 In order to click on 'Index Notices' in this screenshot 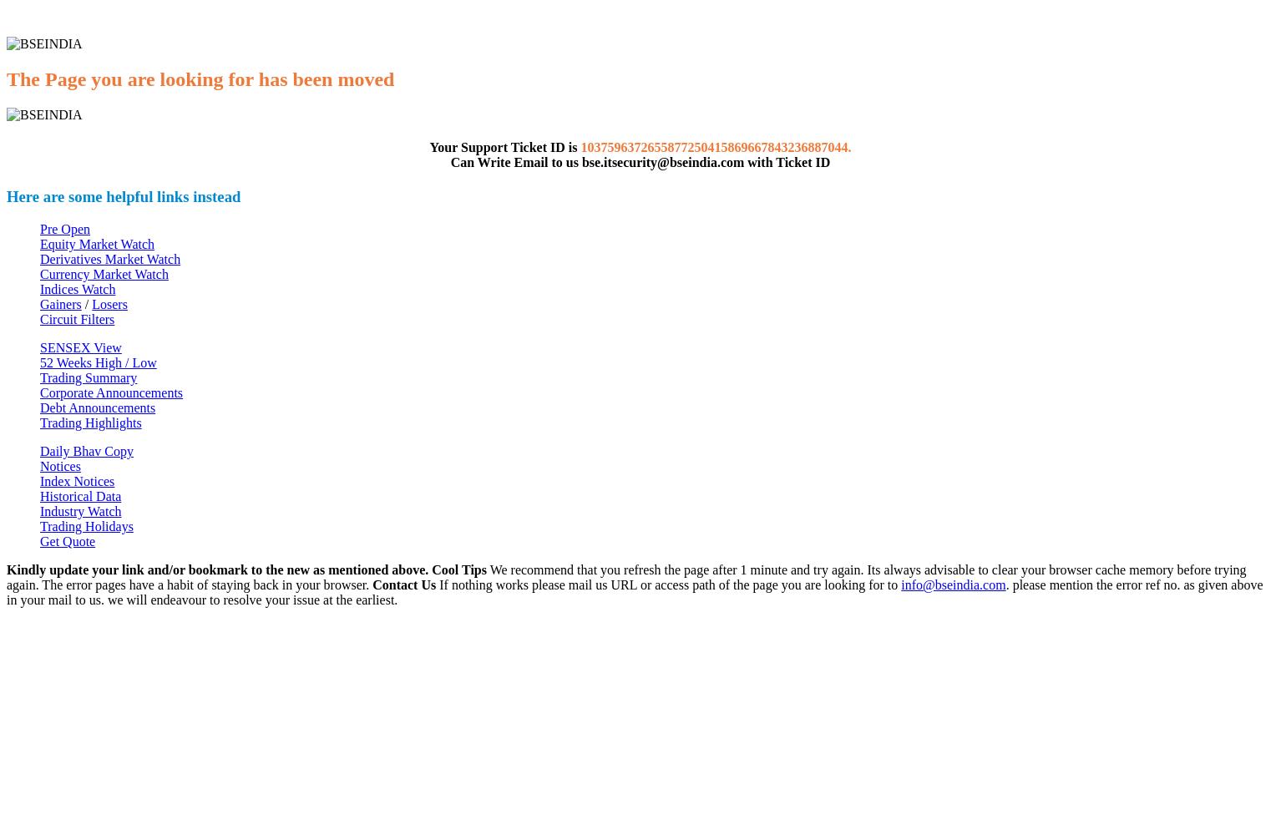, I will do `click(77, 480)`.